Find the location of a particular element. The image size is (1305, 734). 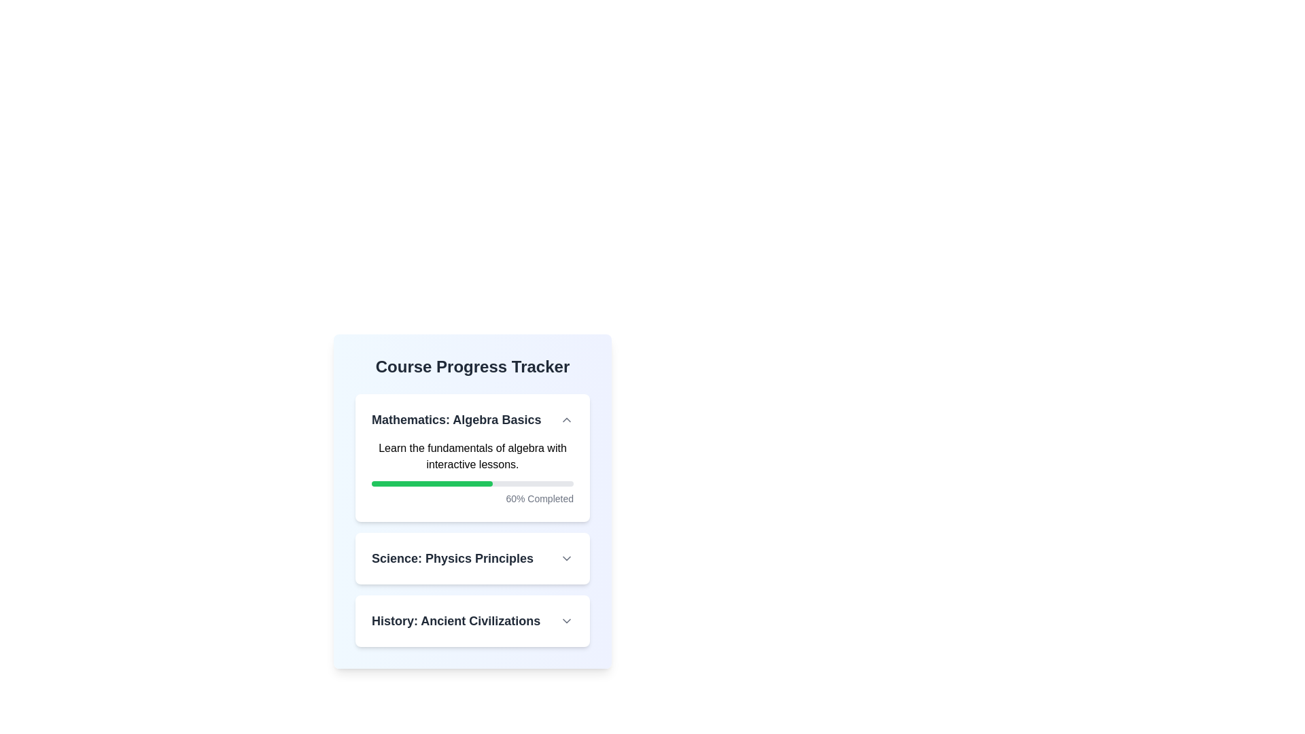

the collapsible course progress tracker item for 'Mathematics: Algebra Basics' is located at coordinates (472, 520).